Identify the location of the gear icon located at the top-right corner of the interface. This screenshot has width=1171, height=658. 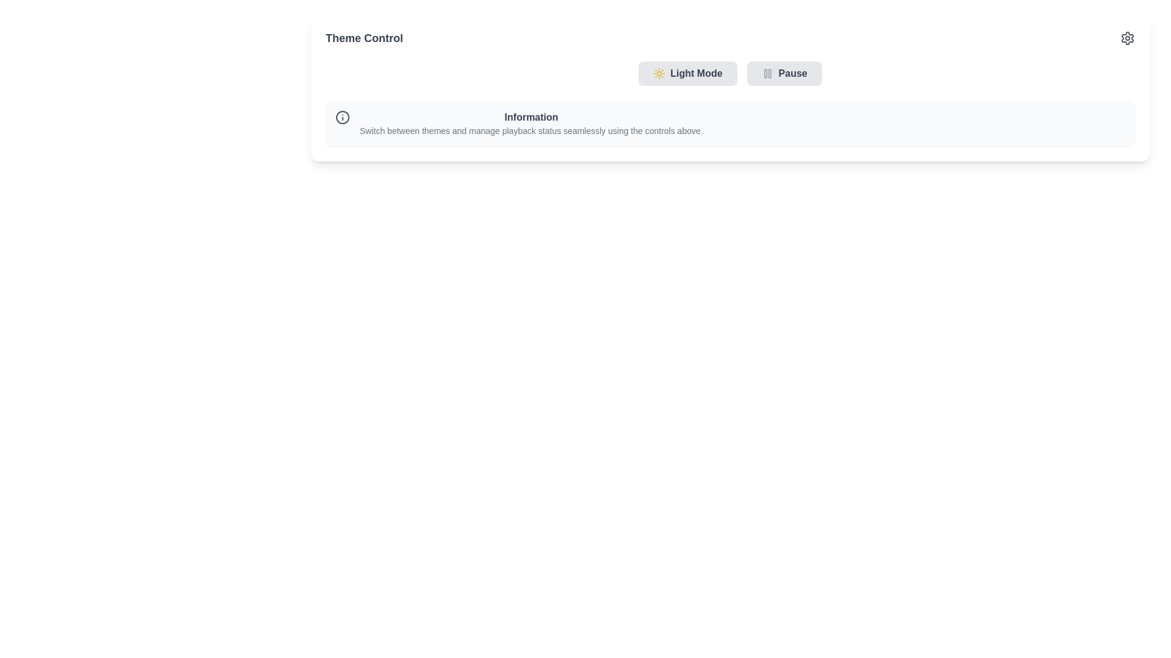
(1126, 37).